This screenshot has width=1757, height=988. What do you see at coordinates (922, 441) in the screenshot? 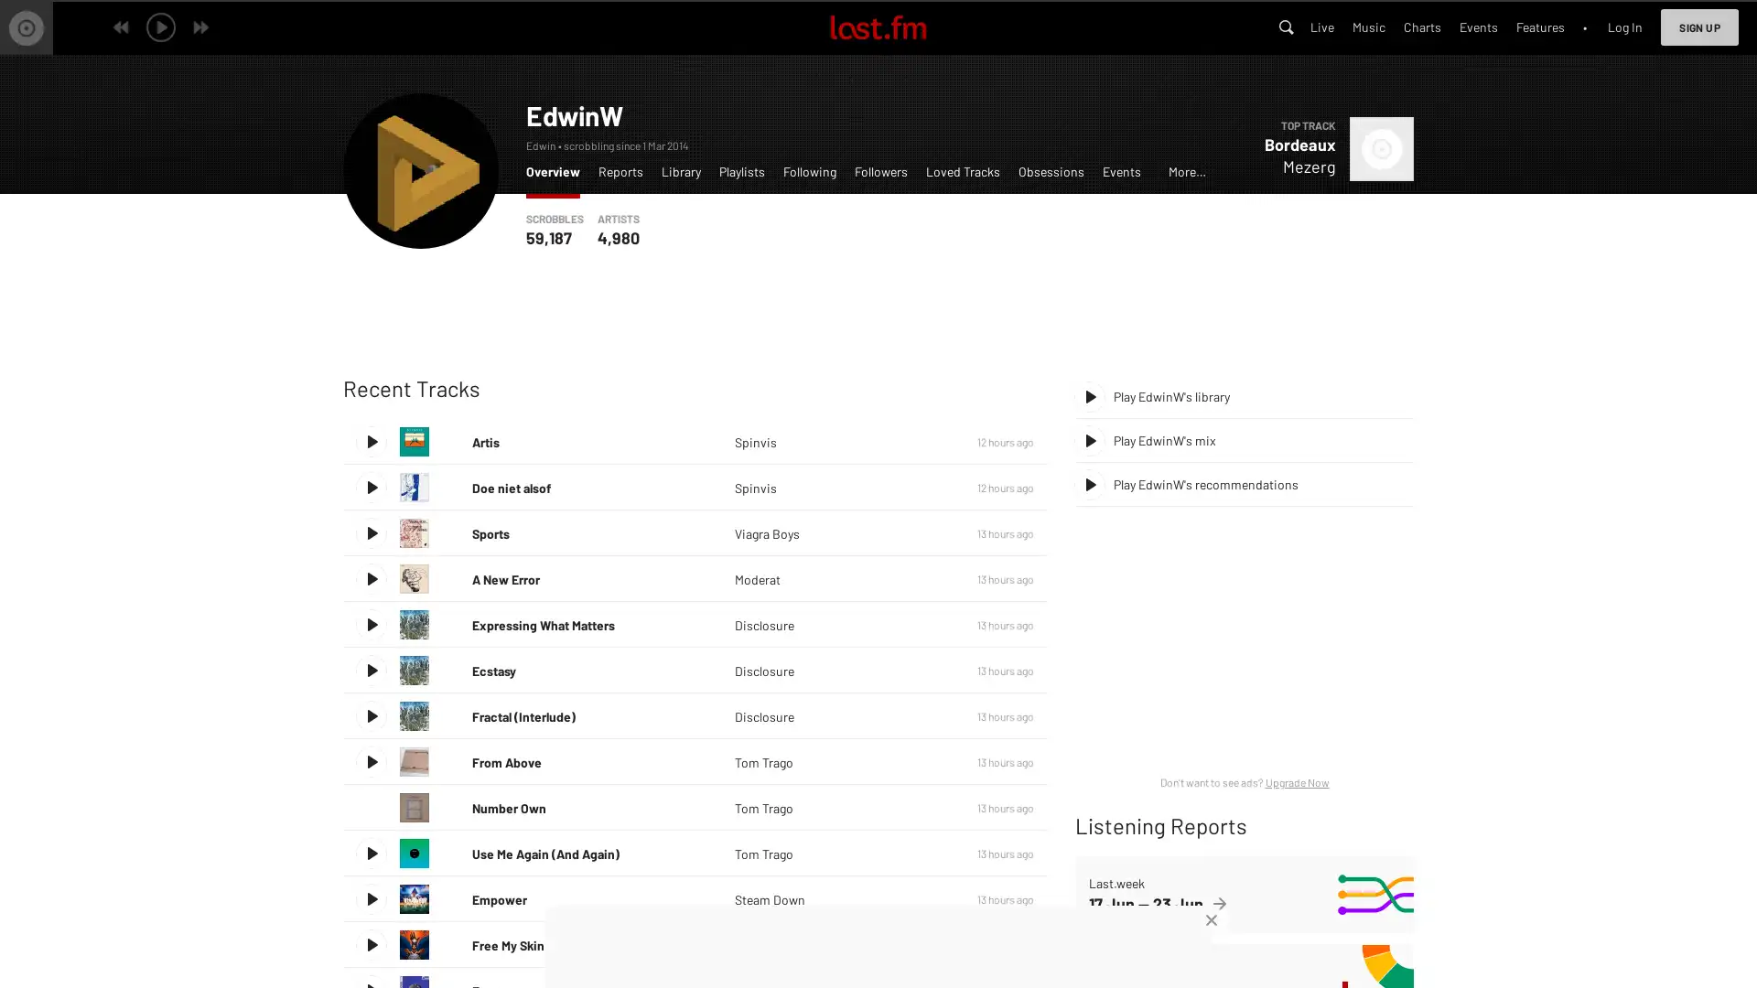
I see `More` at bounding box center [922, 441].